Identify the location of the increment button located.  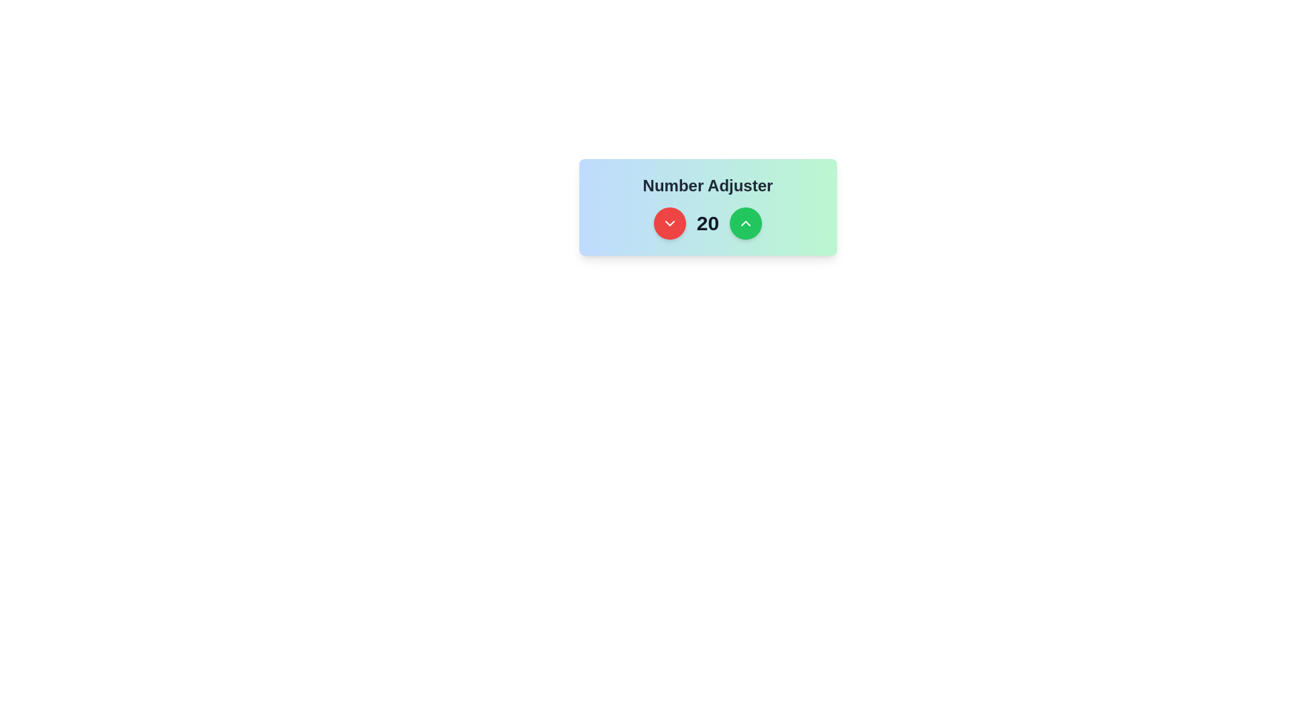
(745, 222).